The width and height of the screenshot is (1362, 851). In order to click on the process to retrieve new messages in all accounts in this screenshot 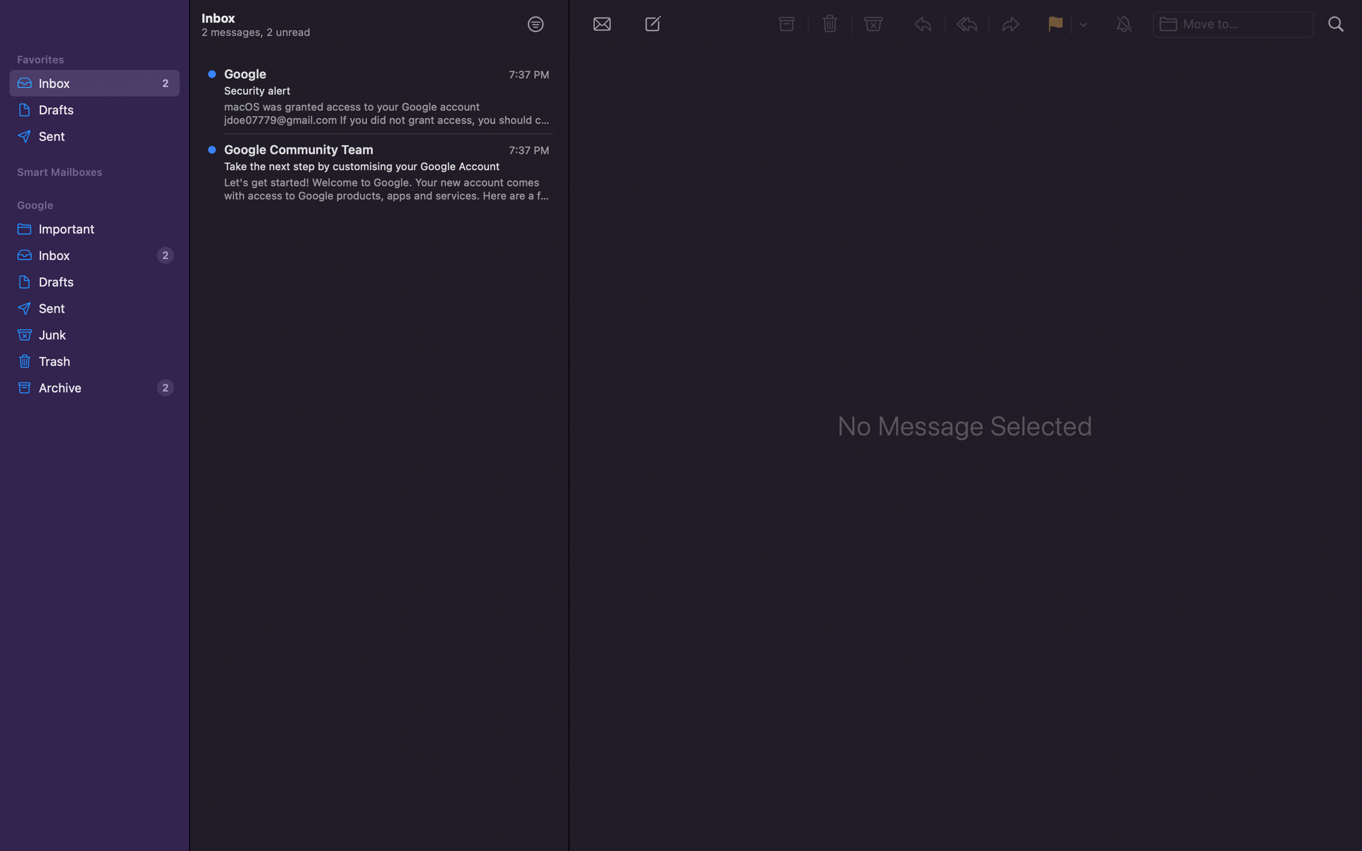, I will do `click(601, 23)`.